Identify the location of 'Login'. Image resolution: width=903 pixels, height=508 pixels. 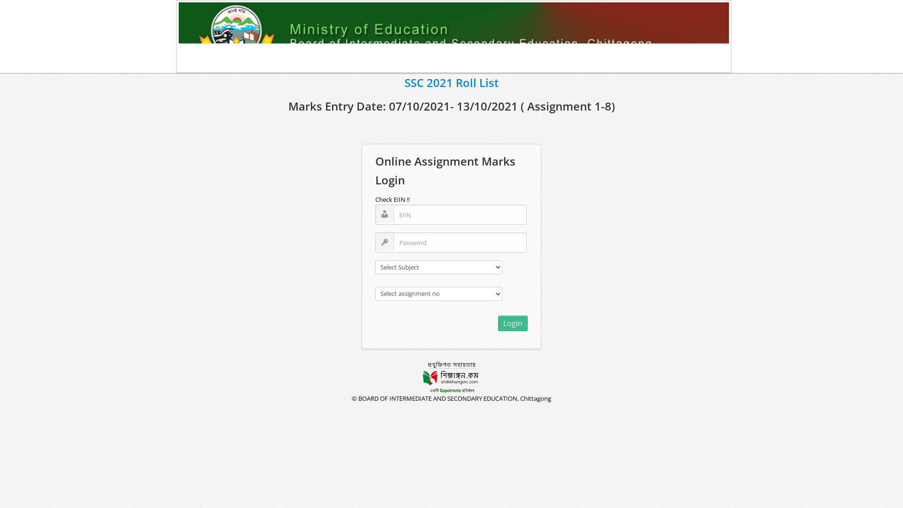
(512, 323).